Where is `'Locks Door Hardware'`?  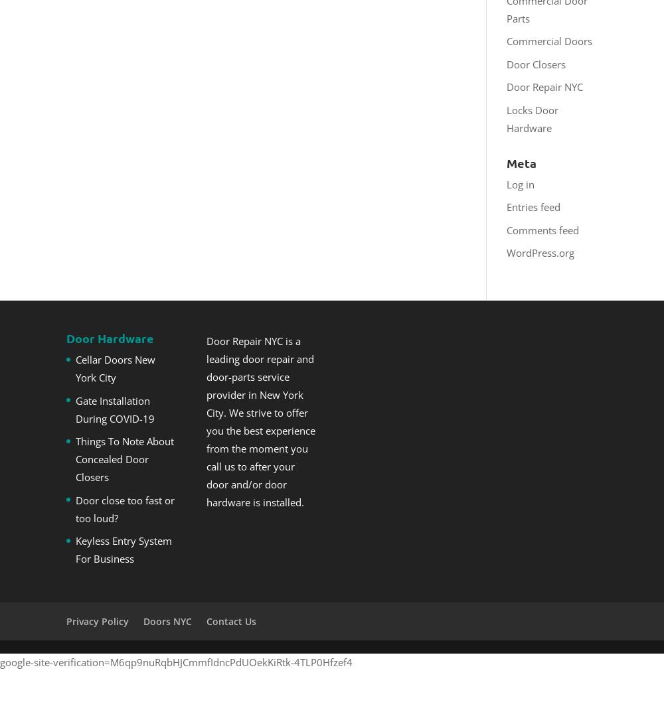 'Locks Door Hardware' is located at coordinates (533, 118).